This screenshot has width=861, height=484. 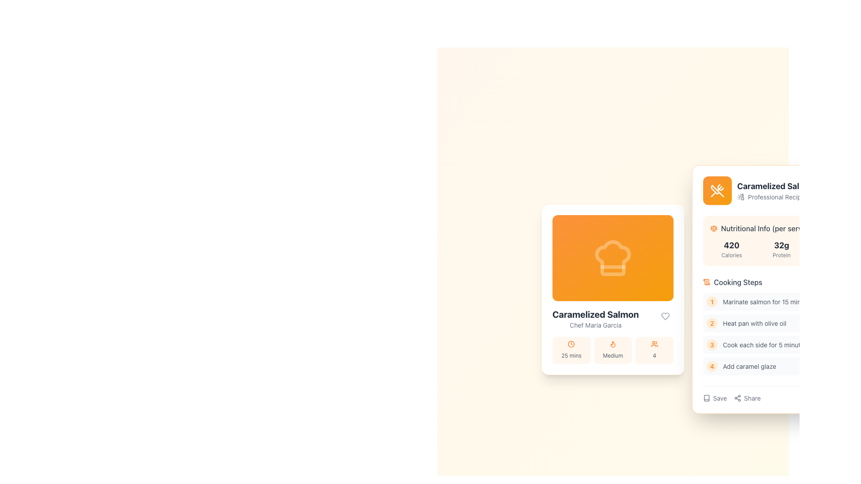 What do you see at coordinates (665, 315) in the screenshot?
I see `the favorite button located at the top-right of the 'Caramelized Salmon' recipe card, next to 'Chef Maria Garcia', to mark it as favorite` at bounding box center [665, 315].